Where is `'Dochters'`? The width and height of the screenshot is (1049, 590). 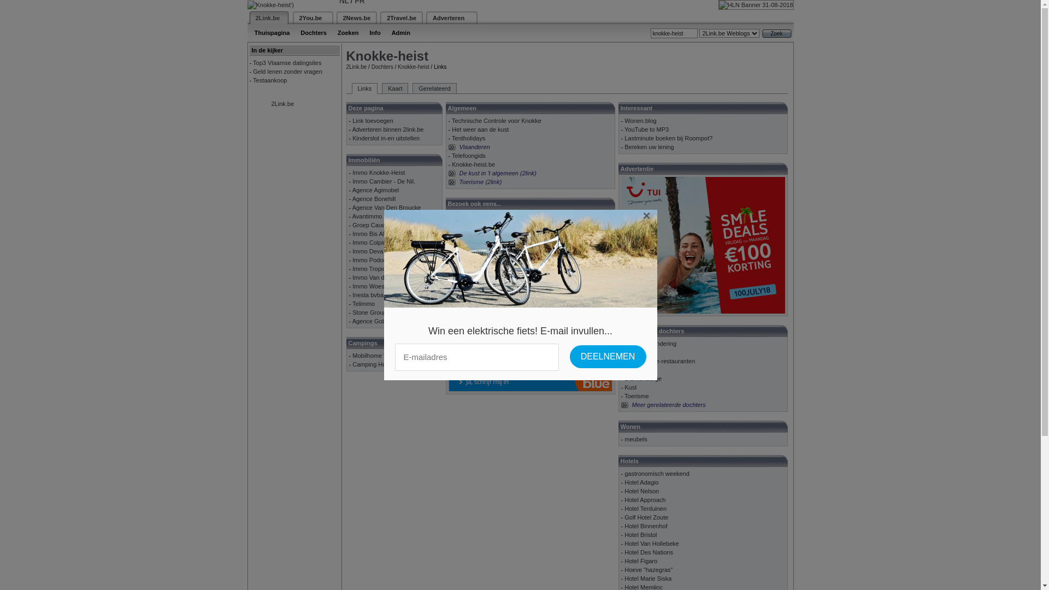
'Dochters' is located at coordinates (313, 32).